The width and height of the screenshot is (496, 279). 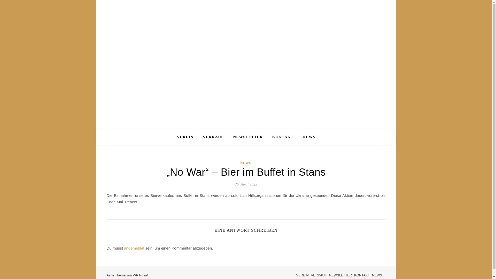 What do you see at coordinates (354, 275) in the screenshot?
I see `'KONTAKT'` at bounding box center [354, 275].